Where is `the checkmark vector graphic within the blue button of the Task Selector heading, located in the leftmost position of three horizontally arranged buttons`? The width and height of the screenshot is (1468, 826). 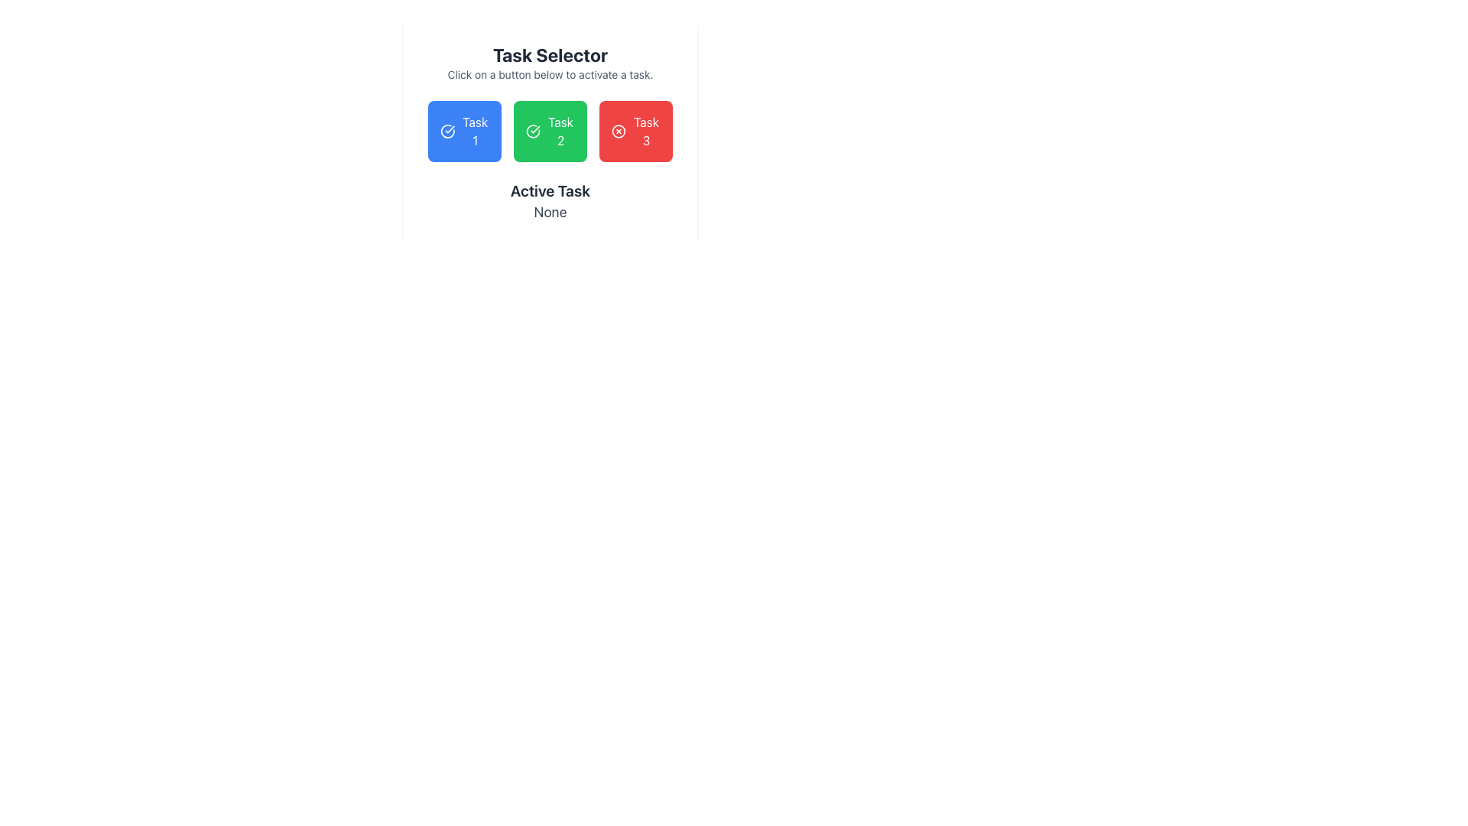
the checkmark vector graphic within the blue button of the Task Selector heading, located in the leftmost position of three horizontally arranged buttons is located at coordinates (447, 131).